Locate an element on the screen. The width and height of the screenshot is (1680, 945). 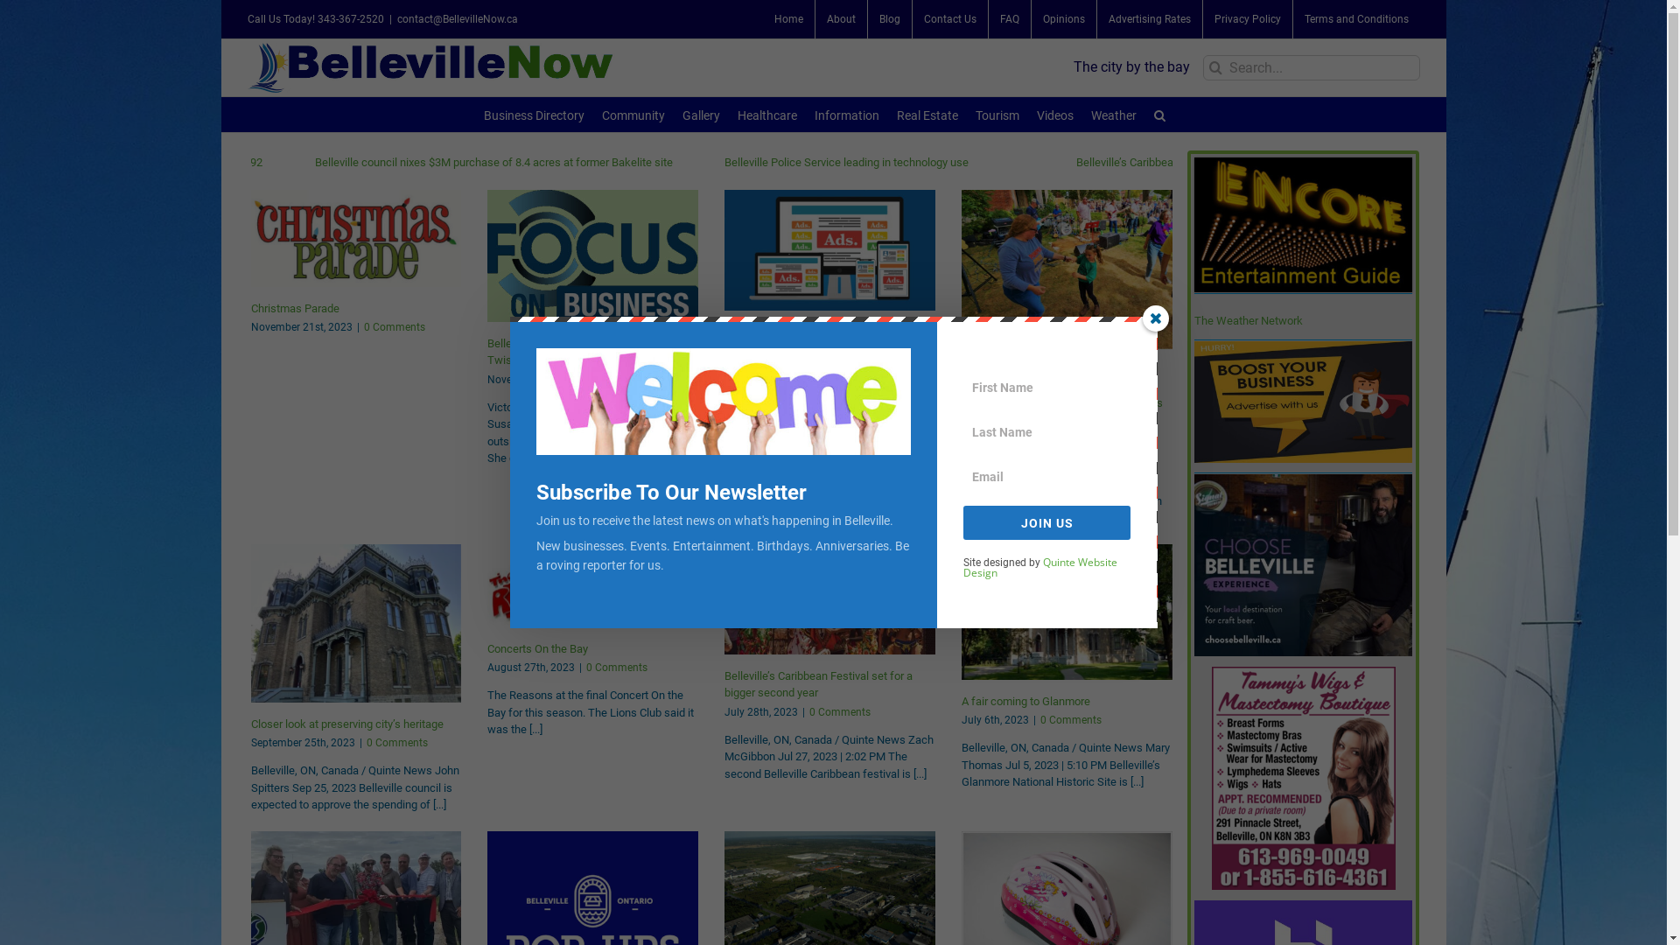
'FAQ' is located at coordinates (1009, 19).